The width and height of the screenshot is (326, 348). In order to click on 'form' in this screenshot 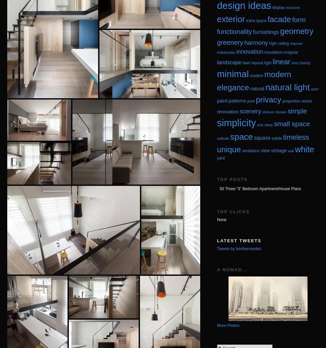, I will do `click(298, 19)`.